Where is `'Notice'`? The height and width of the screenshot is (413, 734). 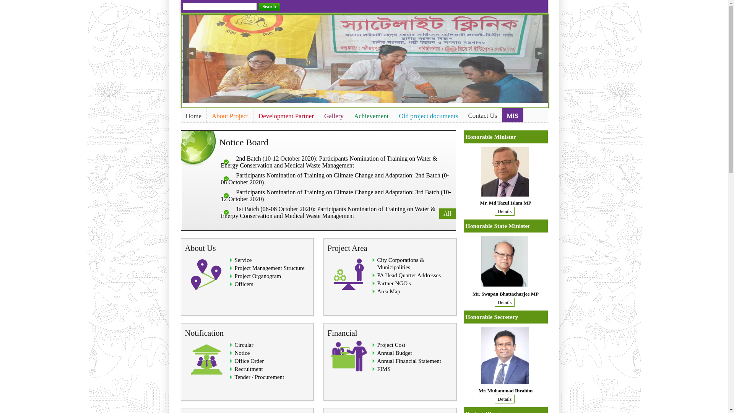 'Notice' is located at coordinates (234, 353).